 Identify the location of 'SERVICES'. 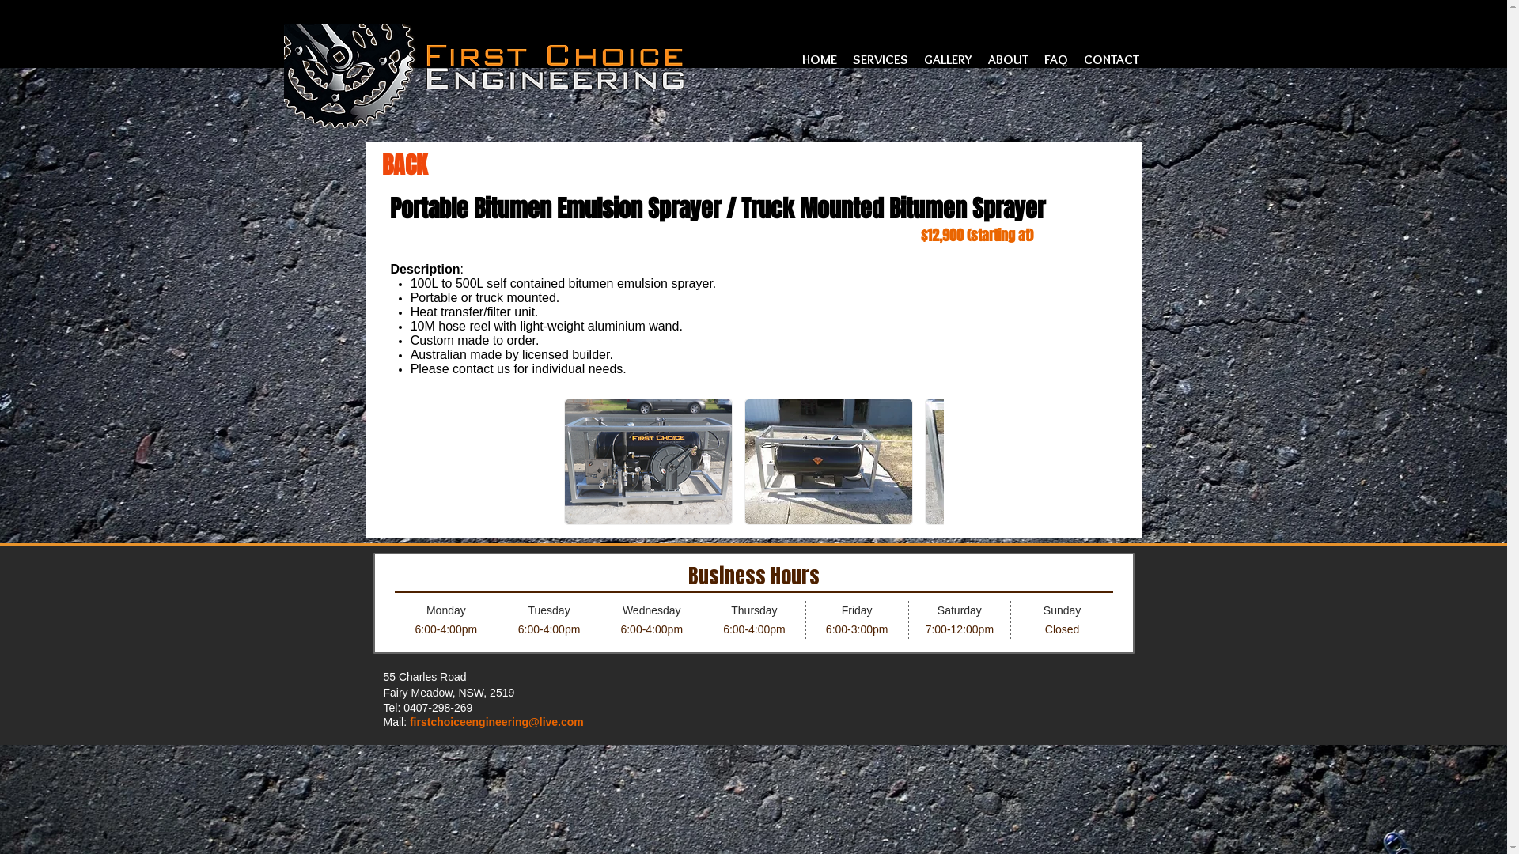
(880, 58).